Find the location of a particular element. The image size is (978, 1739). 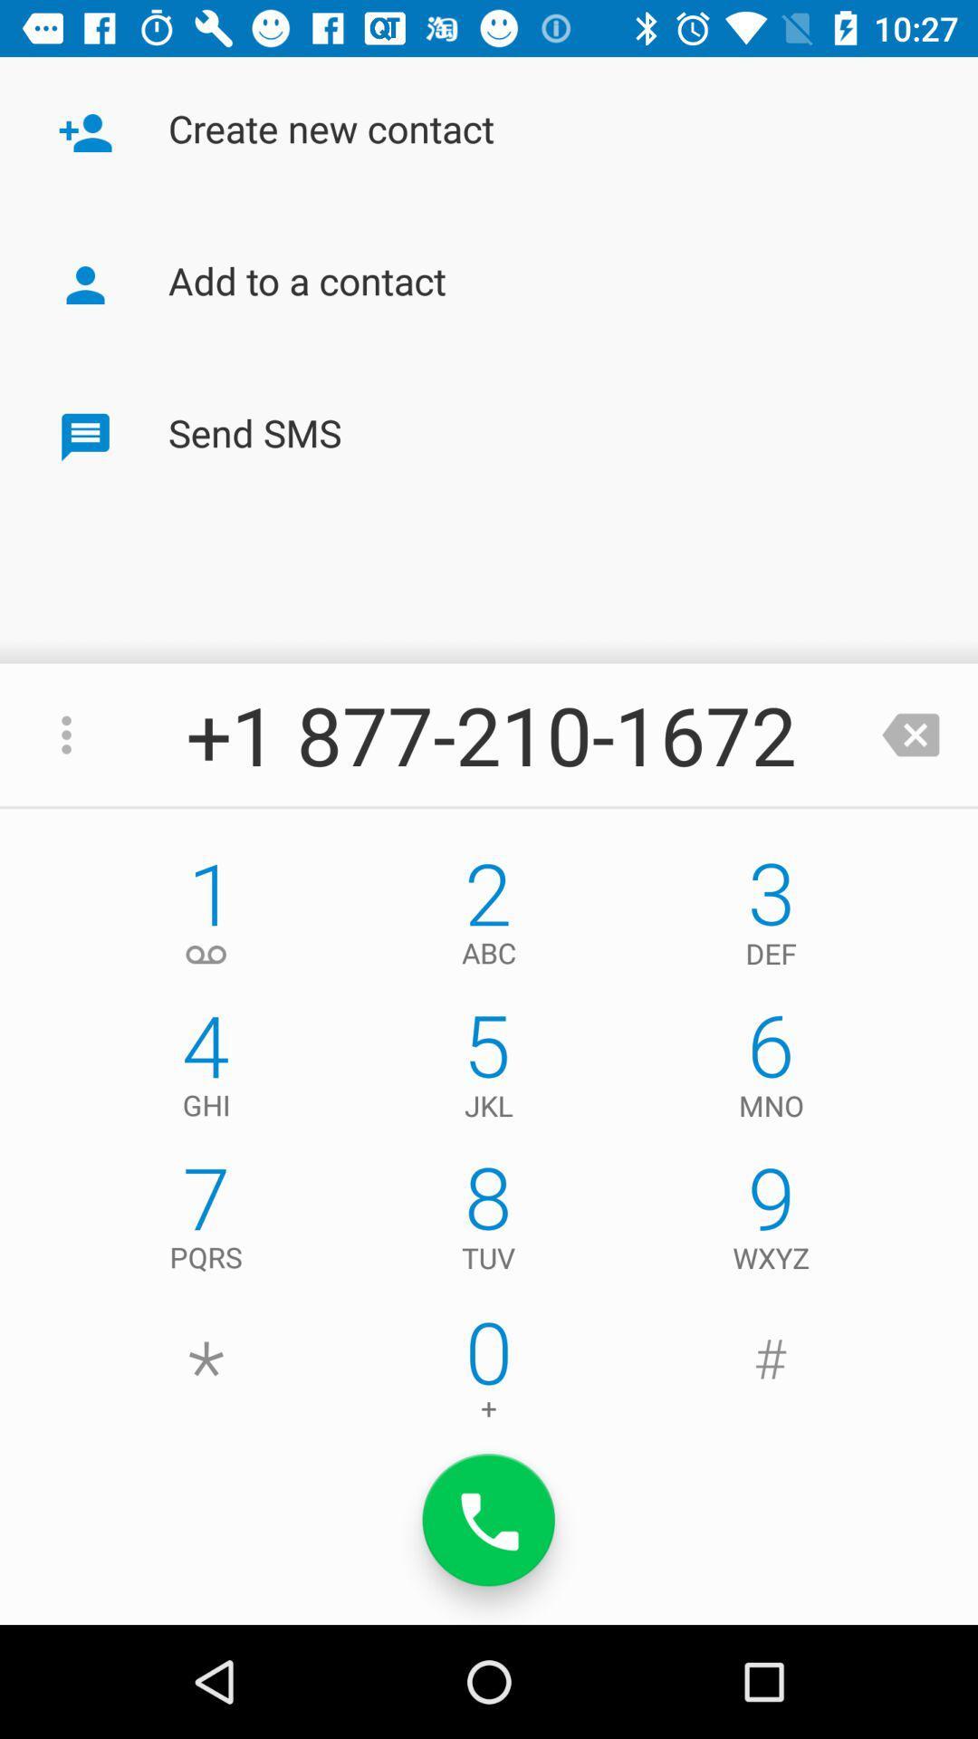

the call icon is located at coordinates (489, 1520).